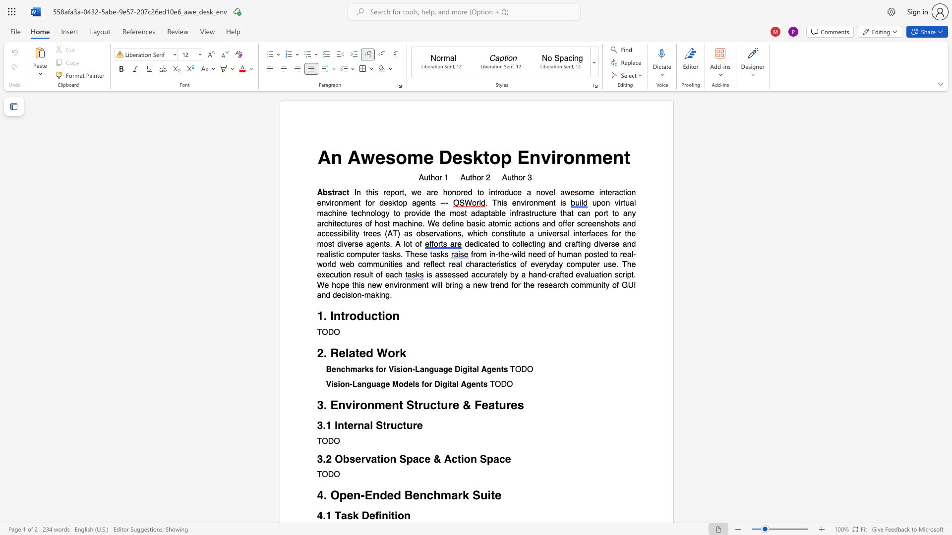 This screenshot has height=535, width=952. Describe the element at coordinates (543, 285) in the screenshot. I see `the space between the continuous character "e" and "s" in the text` at that location.